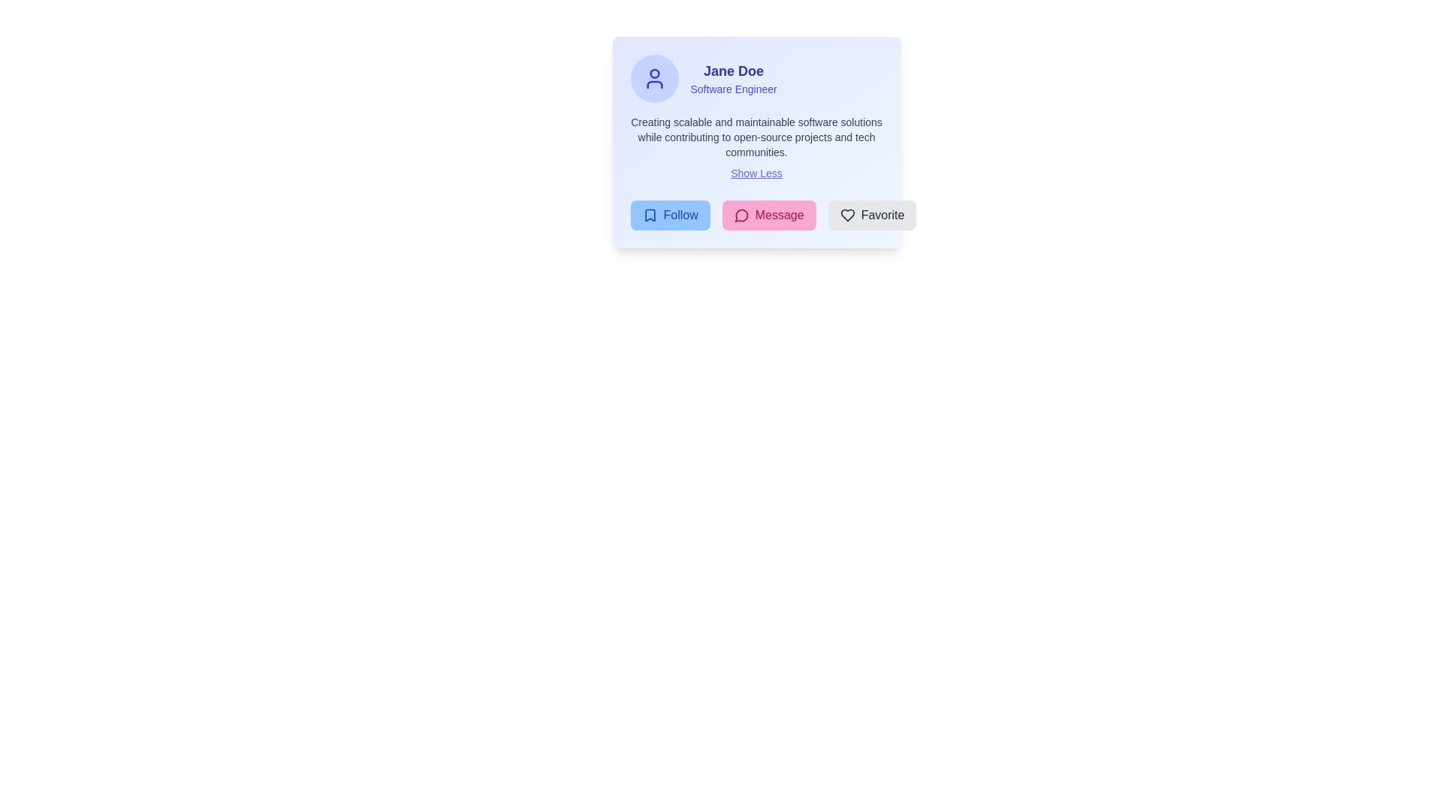  I want to click on the 'Message' button with a pink background and chat bubble icon in the button group located at the bottom of the user information card, so click(756, 215).